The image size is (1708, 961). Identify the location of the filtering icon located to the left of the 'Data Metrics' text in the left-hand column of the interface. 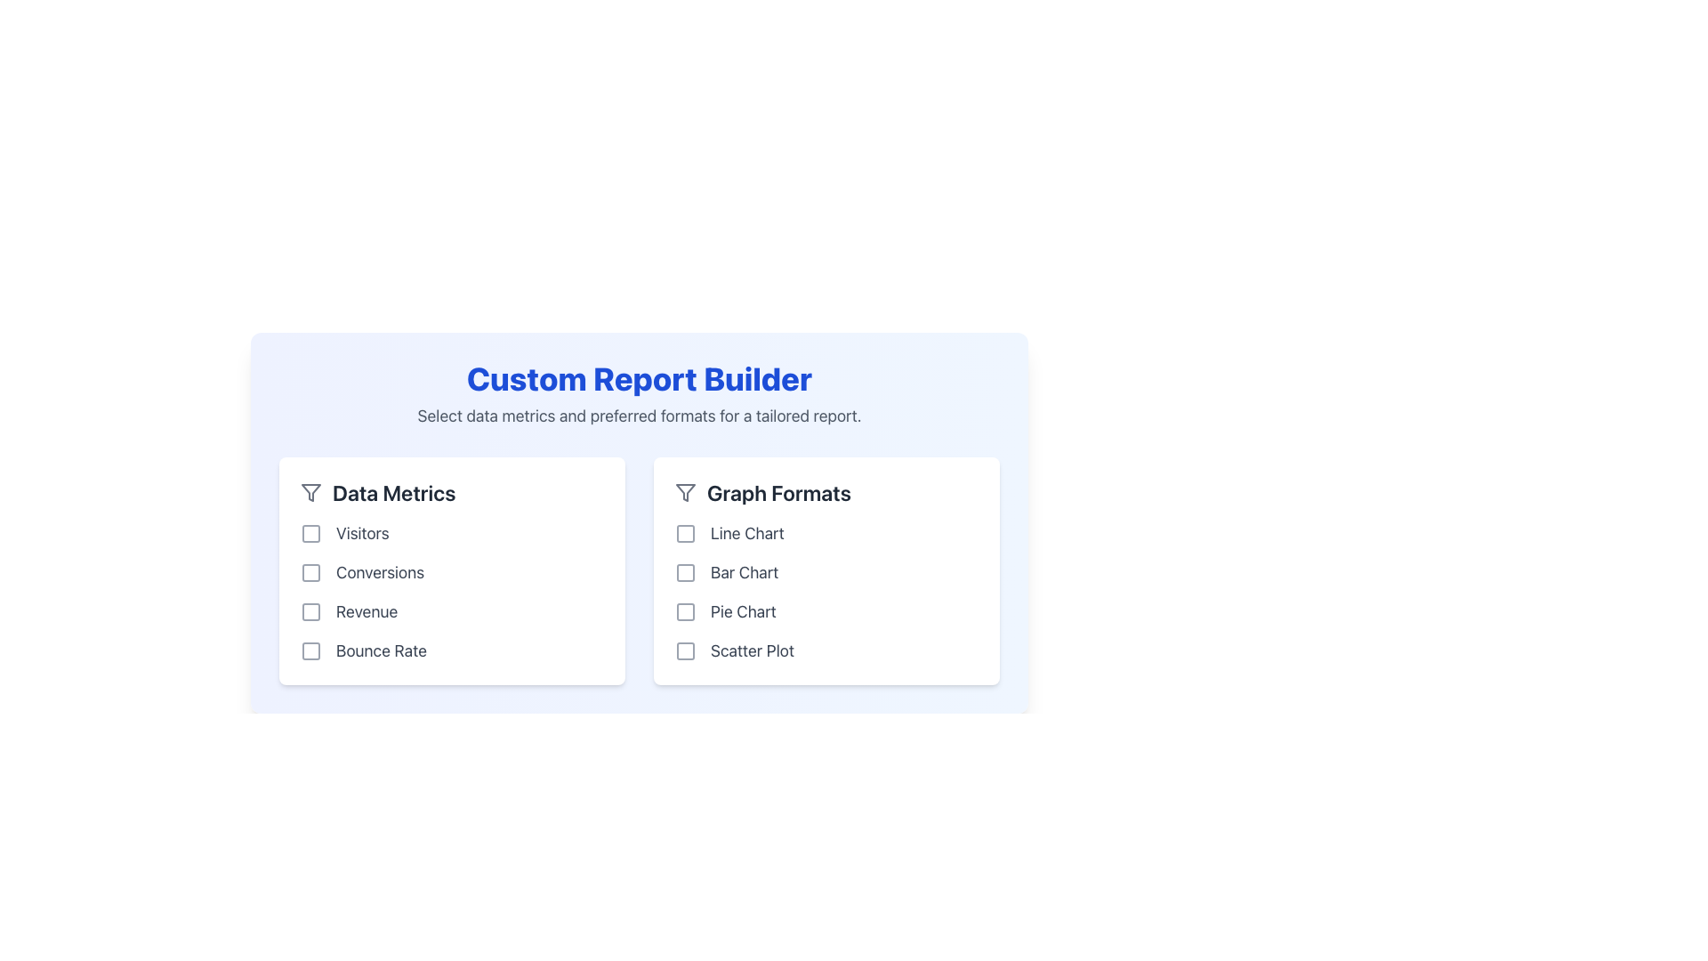
(311, 493).